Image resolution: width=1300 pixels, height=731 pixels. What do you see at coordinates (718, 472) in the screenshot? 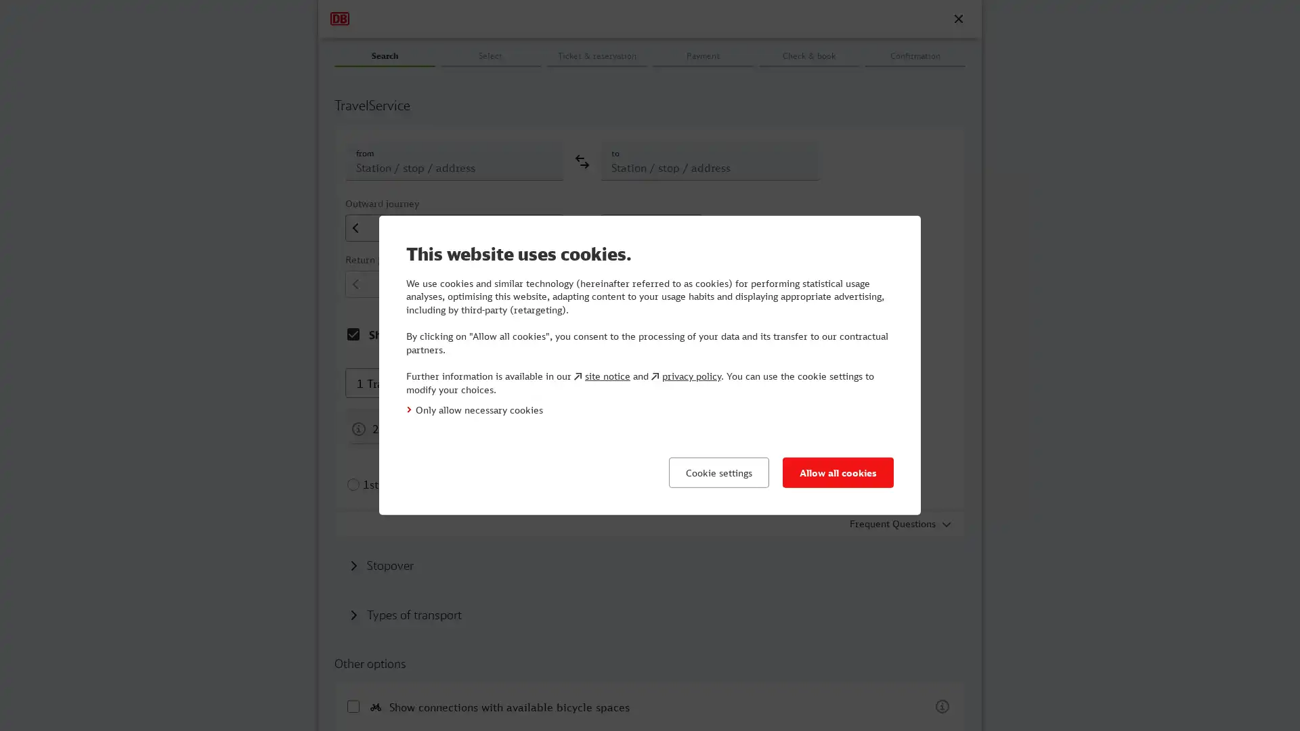
I see `Cookie settings` at bounding box center [718, 472].